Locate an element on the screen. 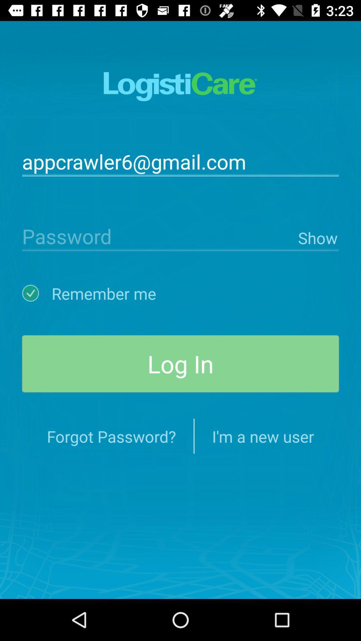 Image resolution: width=361 pixels, height=641 pixels. icon below the appcrawler6@gmail.com item is located at coordinates (158, 236).